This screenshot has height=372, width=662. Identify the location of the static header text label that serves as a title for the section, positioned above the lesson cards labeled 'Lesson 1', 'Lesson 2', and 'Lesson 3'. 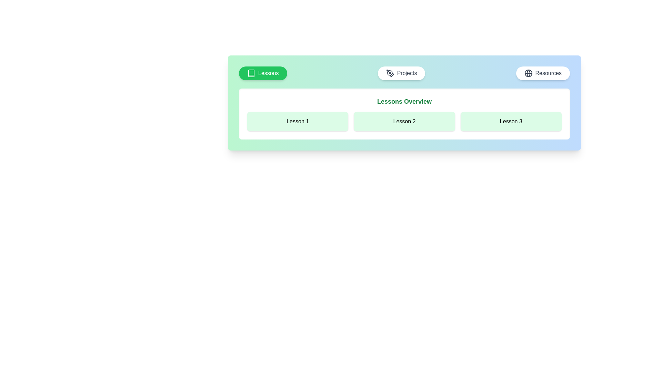
(404, 101).